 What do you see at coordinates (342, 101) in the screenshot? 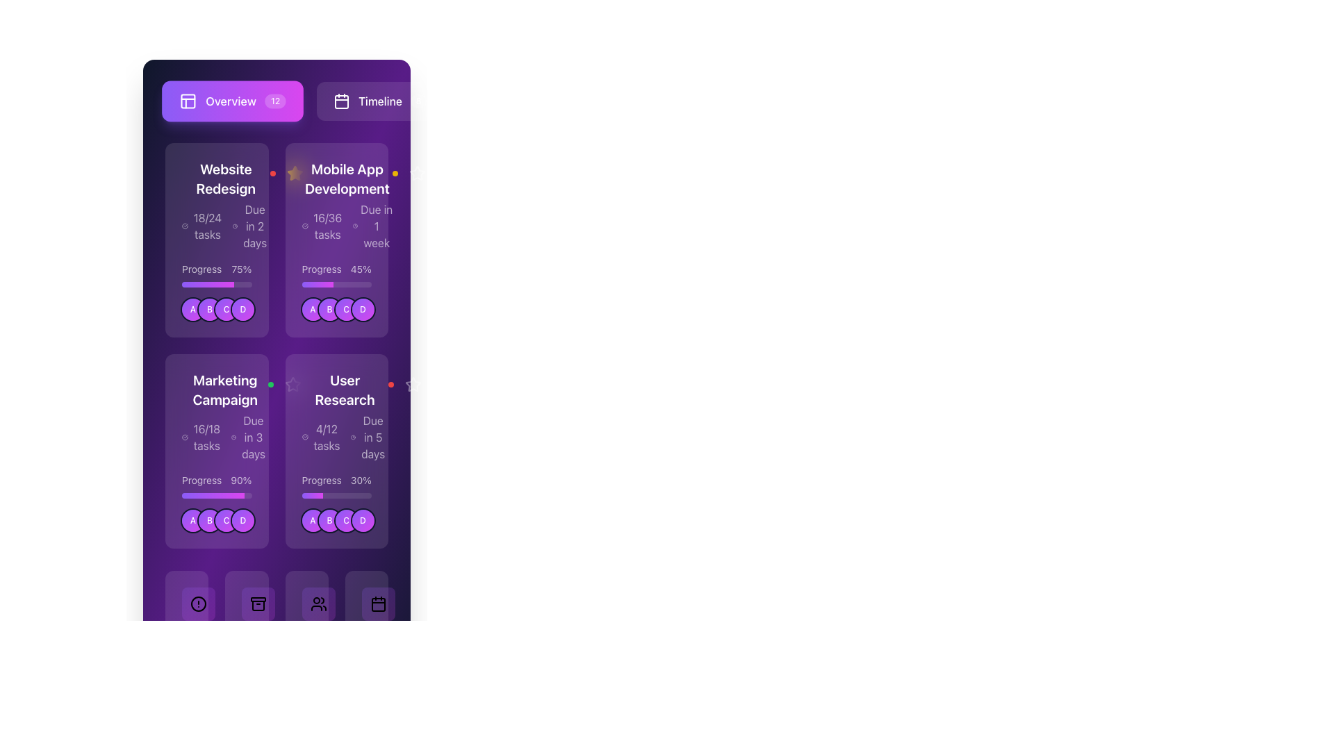
I see `the calendar icon located in the 'Timeline' option at the top right corner of the navigation section, which precedes the label 'Timeline.'` at bounding box center [342, 101].